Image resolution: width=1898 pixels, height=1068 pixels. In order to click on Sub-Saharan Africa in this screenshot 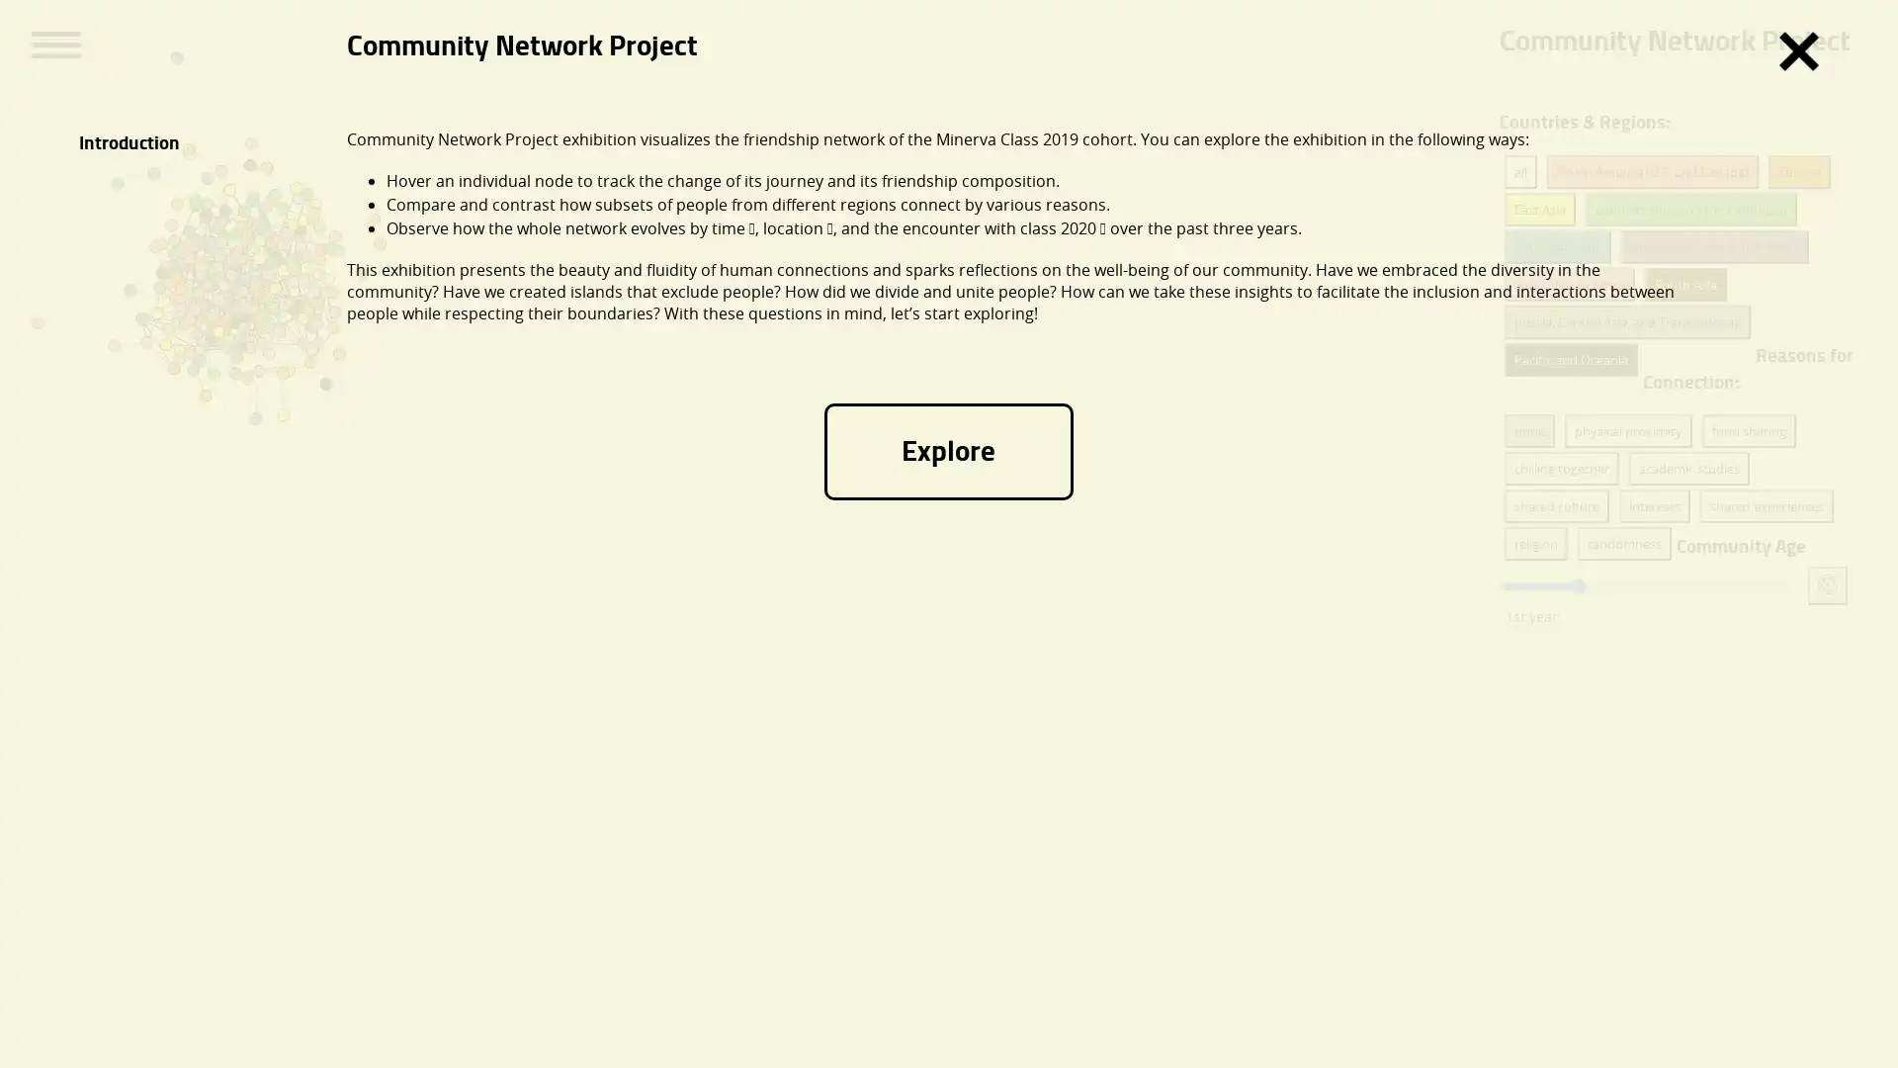, I will do `click(1569, 283)`.